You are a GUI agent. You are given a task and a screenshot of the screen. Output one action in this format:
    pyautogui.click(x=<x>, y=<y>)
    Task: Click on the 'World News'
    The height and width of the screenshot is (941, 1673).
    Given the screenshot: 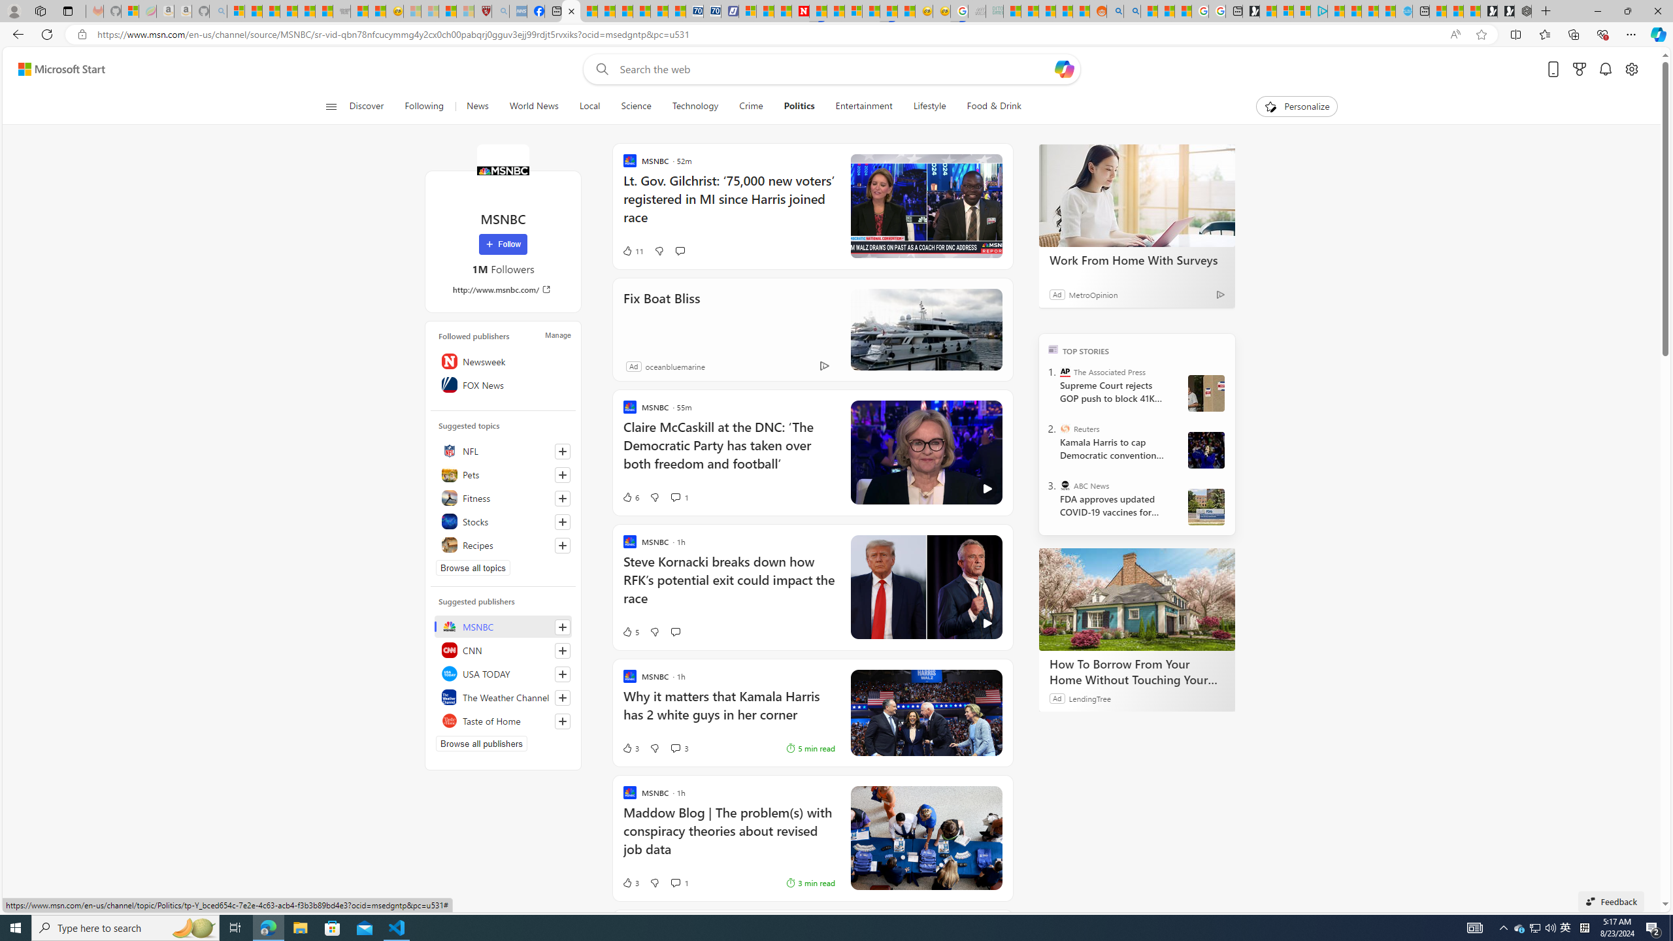 What is the action you would take?
    pyautogui.click(x=533, y=106)
    